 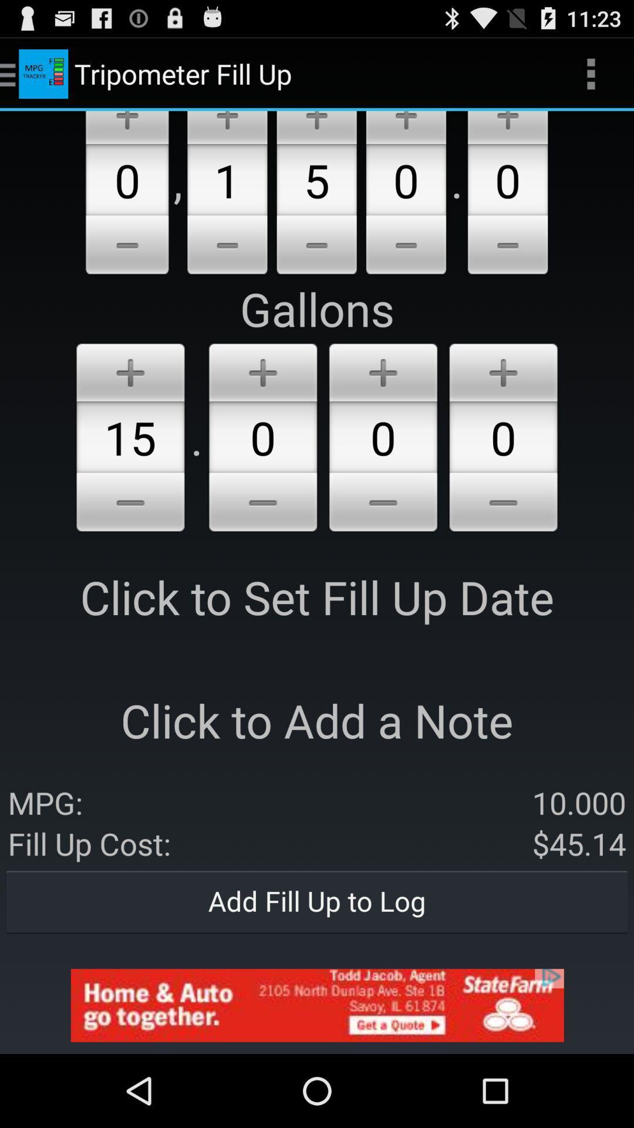 What do you see at coordinates (405, 194) in the screenshot?
I see `the option 0 beside option 5` at bounding box center [405, 194].